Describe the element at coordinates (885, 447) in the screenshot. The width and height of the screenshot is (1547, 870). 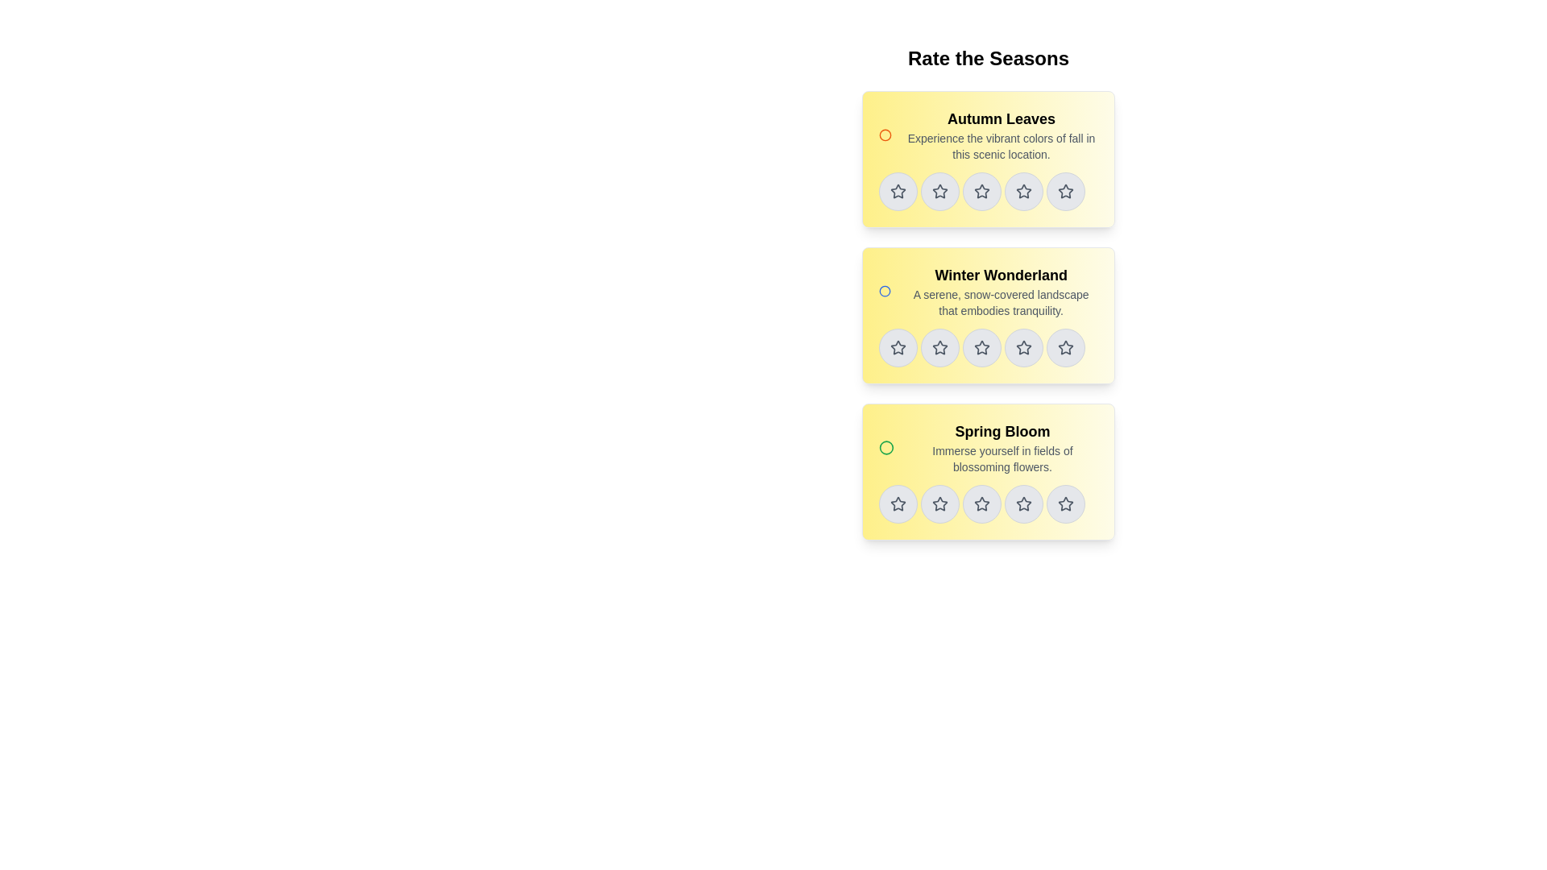
I see `the small circular icon with a green outline located at the top-left corner of the 'Spring Bloom' card, adjacent to the text content` at that location.